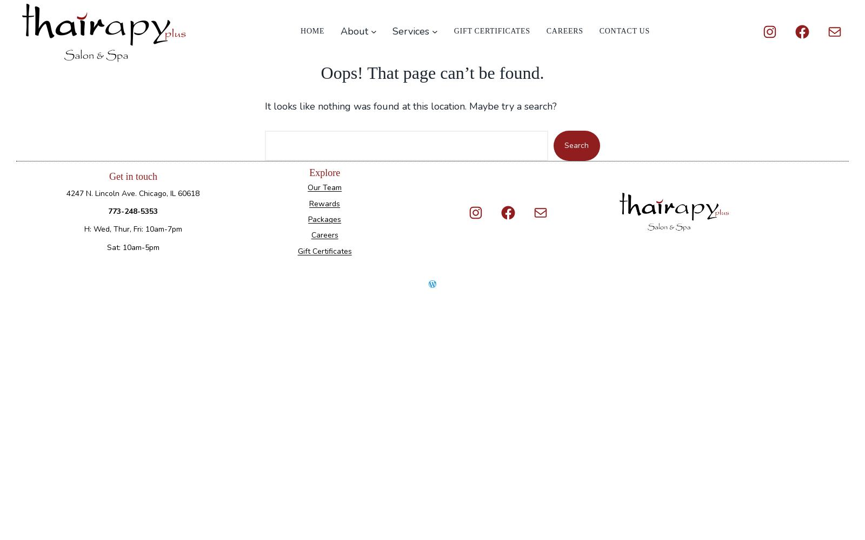  Describe the element at coordinates (411, 106) in the screenshot. I see `'It looks like nothing was found at this location. Maybe try a search?'` at that location.